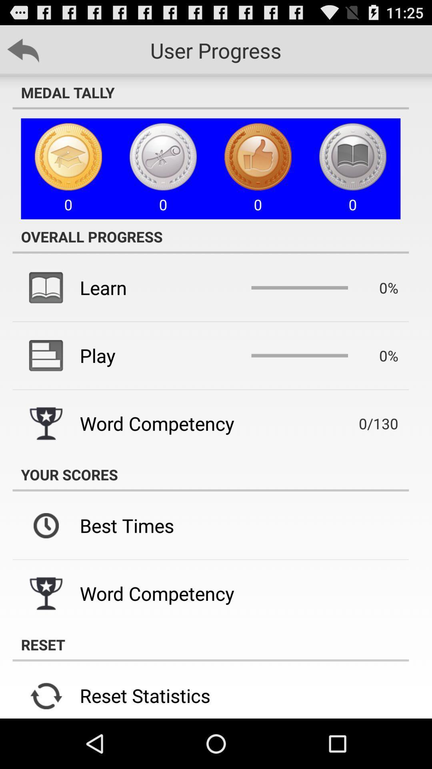 This screenshot has width=432, height=769. Describe the element at coordinates (210, 475) in the screenshot. I see `the your scores icon` at that location.